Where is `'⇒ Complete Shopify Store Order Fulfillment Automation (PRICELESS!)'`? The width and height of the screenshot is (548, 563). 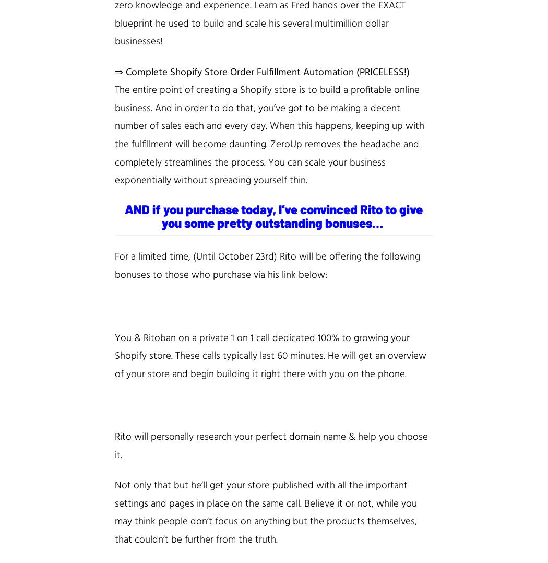
'⇒ Complete Shopify Store Order Fulfillment Automation (PRICELESS!)' is located at coordinates (261, 72).